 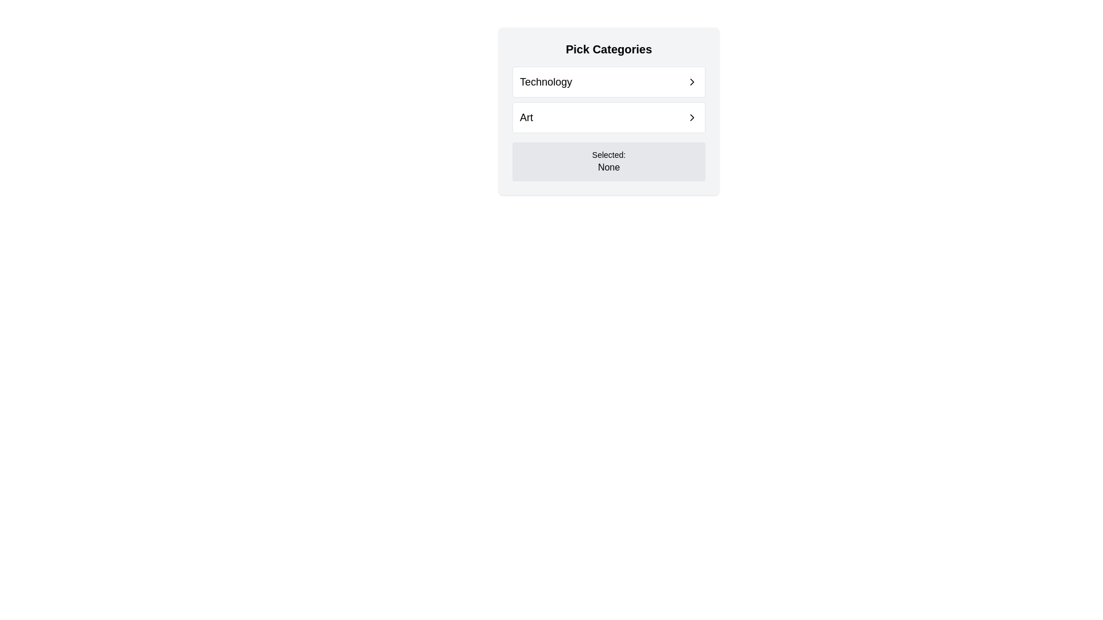 What do you see at coordinates (691, 117) in the screenshot?
I see `the right-pointing chevron icon located in the 'Art' row of the 'Pick Categories' section` at bounding box center [691, 117].